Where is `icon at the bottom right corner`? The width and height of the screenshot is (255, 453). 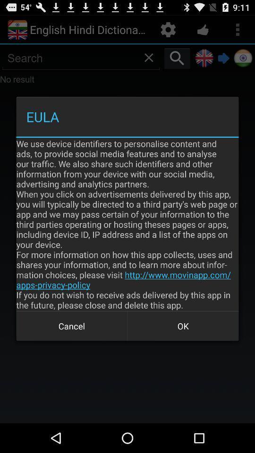 icon at the bottom right corner is located at coordinates (183, 326).